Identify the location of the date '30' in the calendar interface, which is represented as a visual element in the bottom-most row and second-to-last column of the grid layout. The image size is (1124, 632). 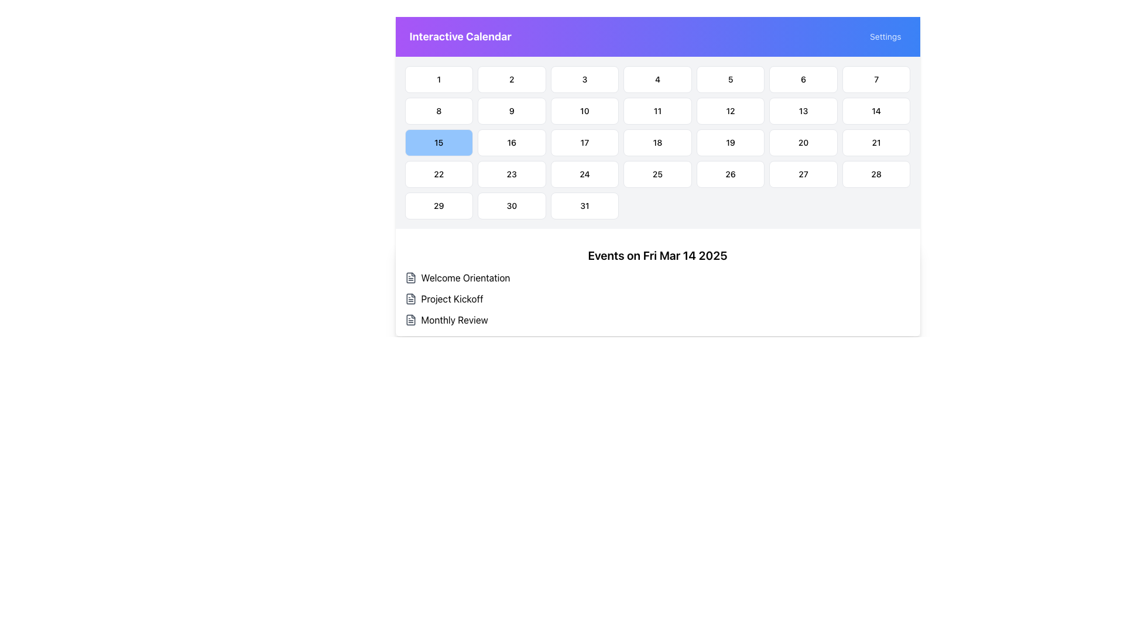
(512, 205).